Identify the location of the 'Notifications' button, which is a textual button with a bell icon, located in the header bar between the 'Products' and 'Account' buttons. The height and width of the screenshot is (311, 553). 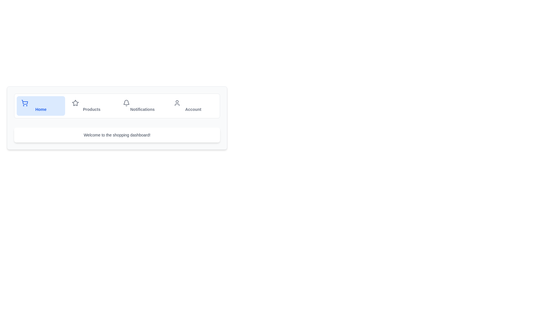
(142, 106).